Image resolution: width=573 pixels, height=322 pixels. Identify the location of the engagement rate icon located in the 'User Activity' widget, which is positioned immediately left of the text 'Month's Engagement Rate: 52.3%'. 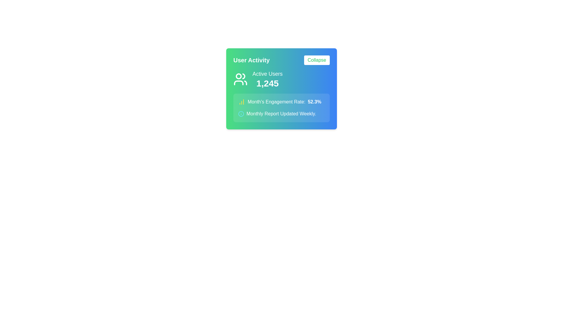
(242, 102).